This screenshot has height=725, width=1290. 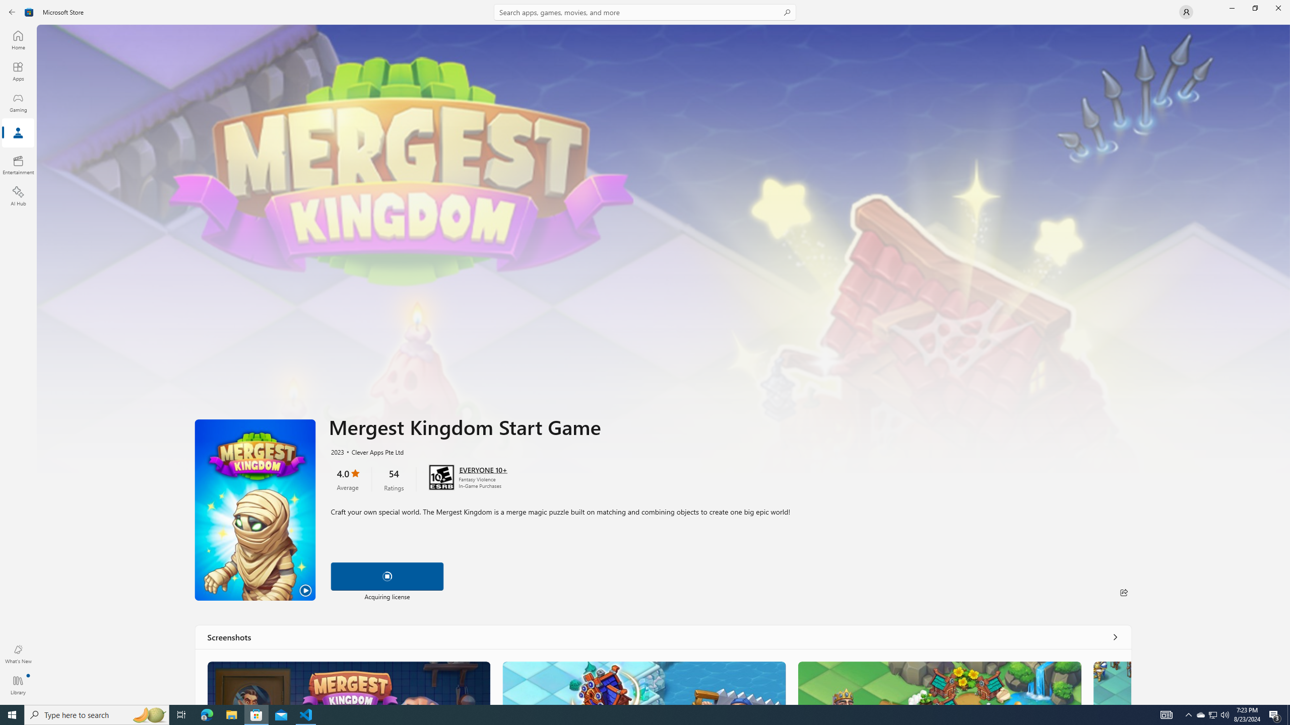 What do you see at coordinates (938, 682) in the screenshot?
I see `'Screenshot 3'` at bounding box center [938, 682].